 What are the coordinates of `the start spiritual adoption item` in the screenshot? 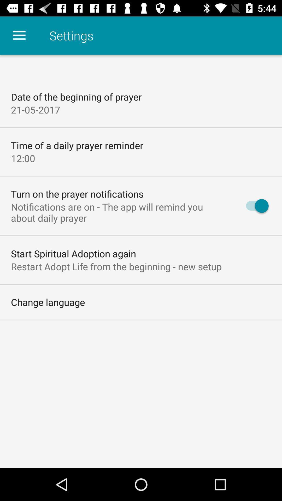 It's located at (73, 253).